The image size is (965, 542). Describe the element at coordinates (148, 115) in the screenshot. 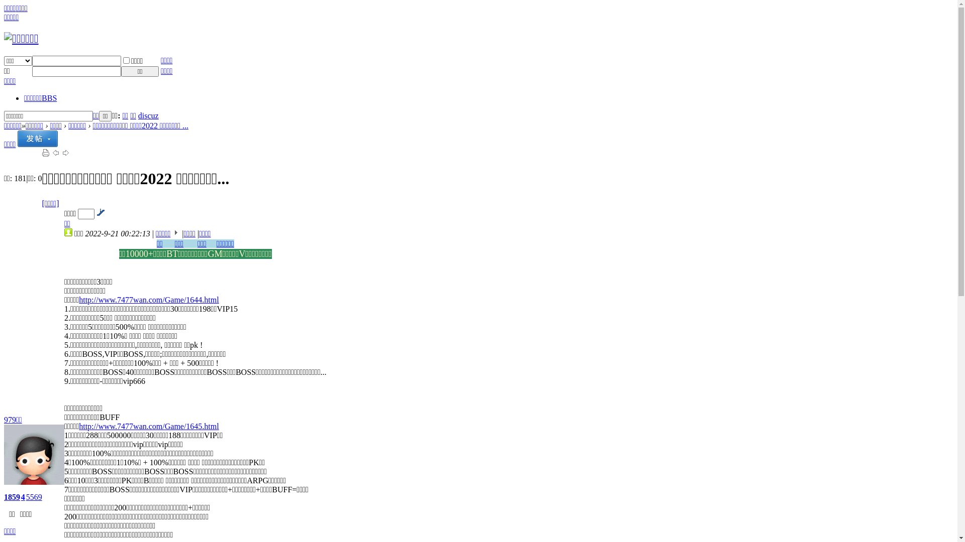

I see `'discuz'` at that location.